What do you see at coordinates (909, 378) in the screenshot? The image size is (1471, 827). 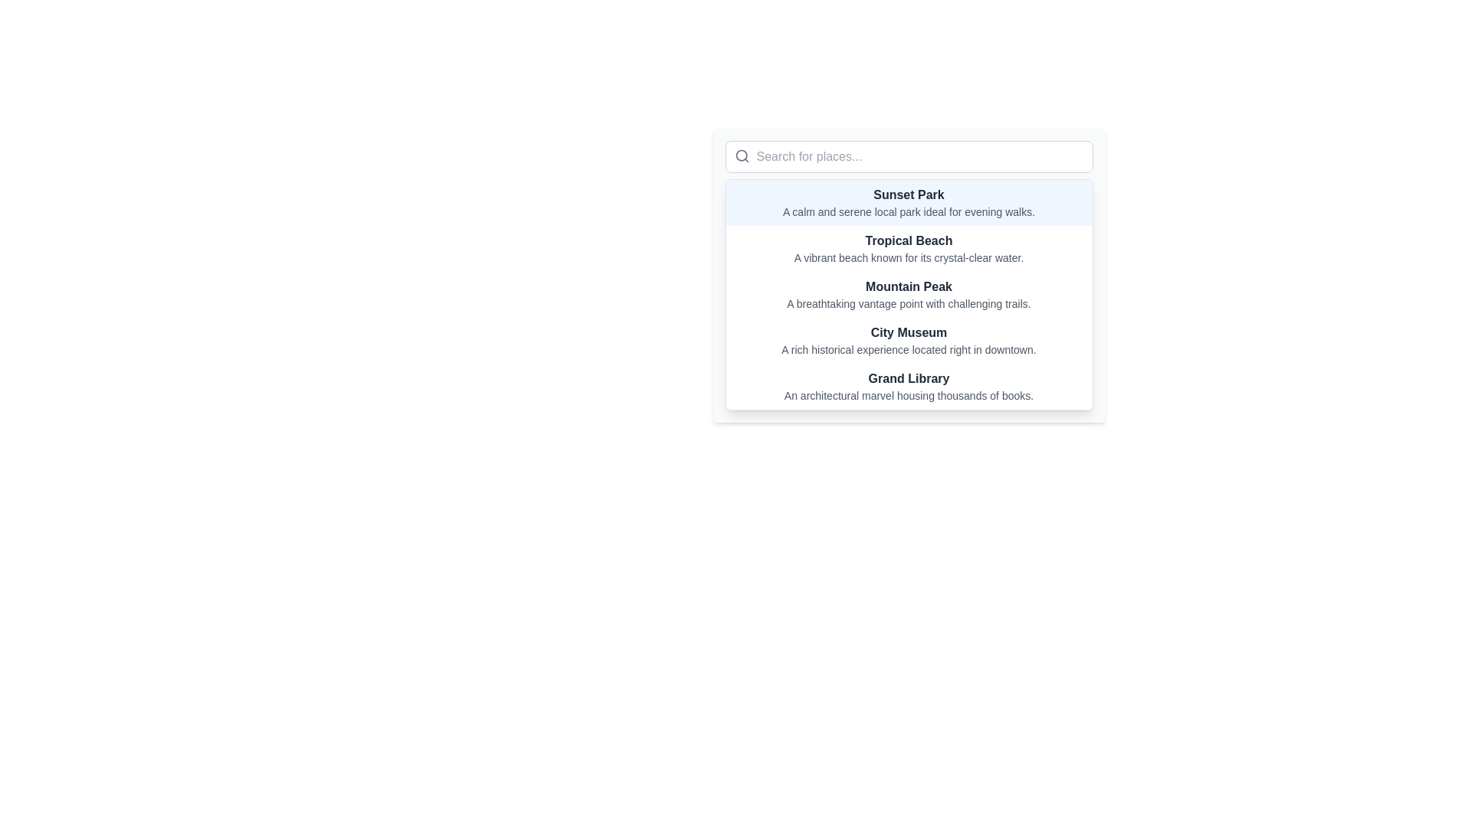 I see `the bold text label 'Grand Library', which is styled with a larger font size and dark gray color, located at the bottom of a scrollable list of places` at bounding box center [909, 378].